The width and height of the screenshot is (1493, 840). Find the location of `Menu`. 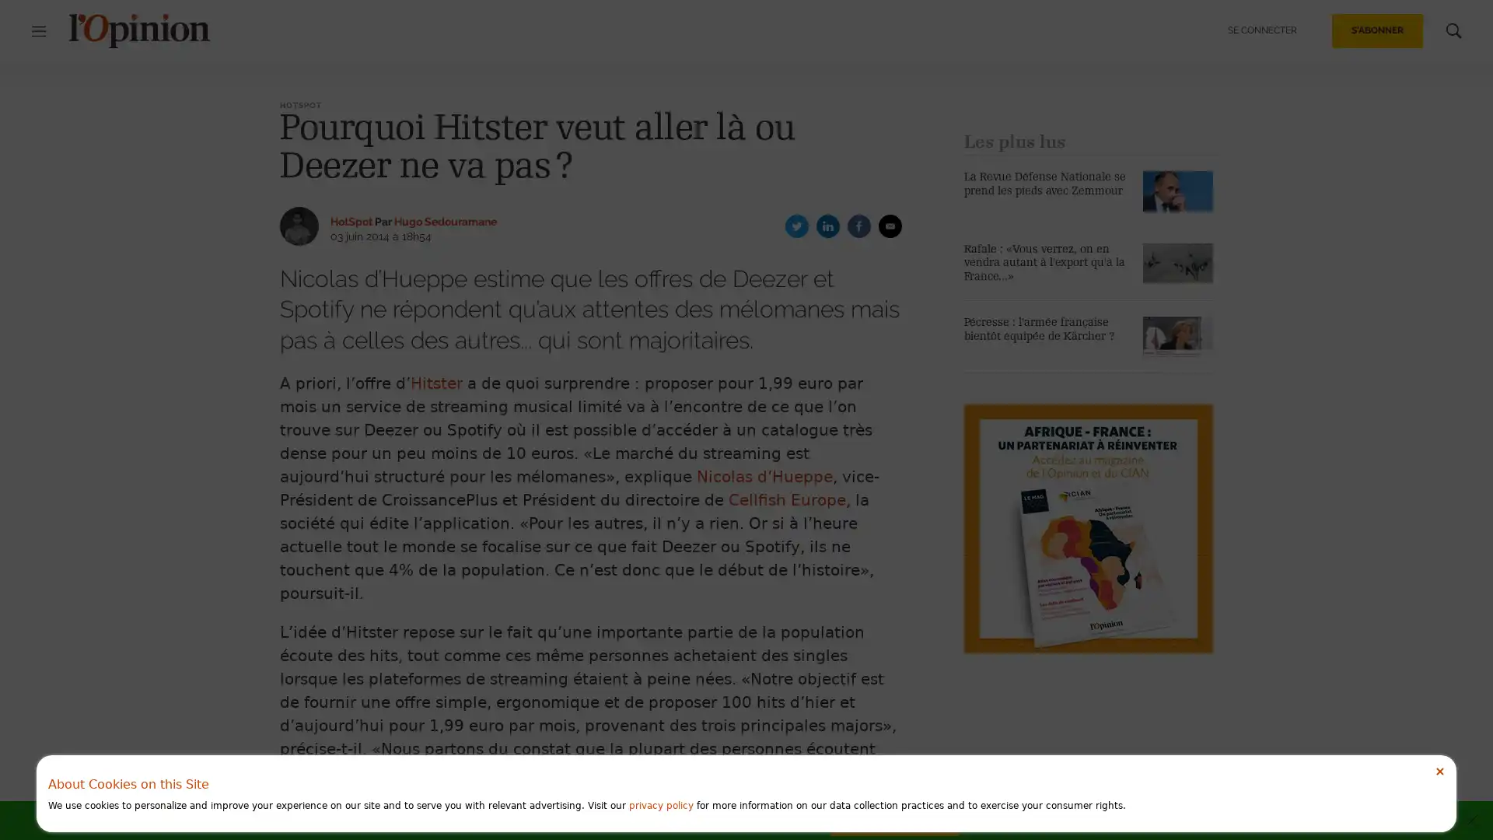

Menu is located at coordinates (46, 30).